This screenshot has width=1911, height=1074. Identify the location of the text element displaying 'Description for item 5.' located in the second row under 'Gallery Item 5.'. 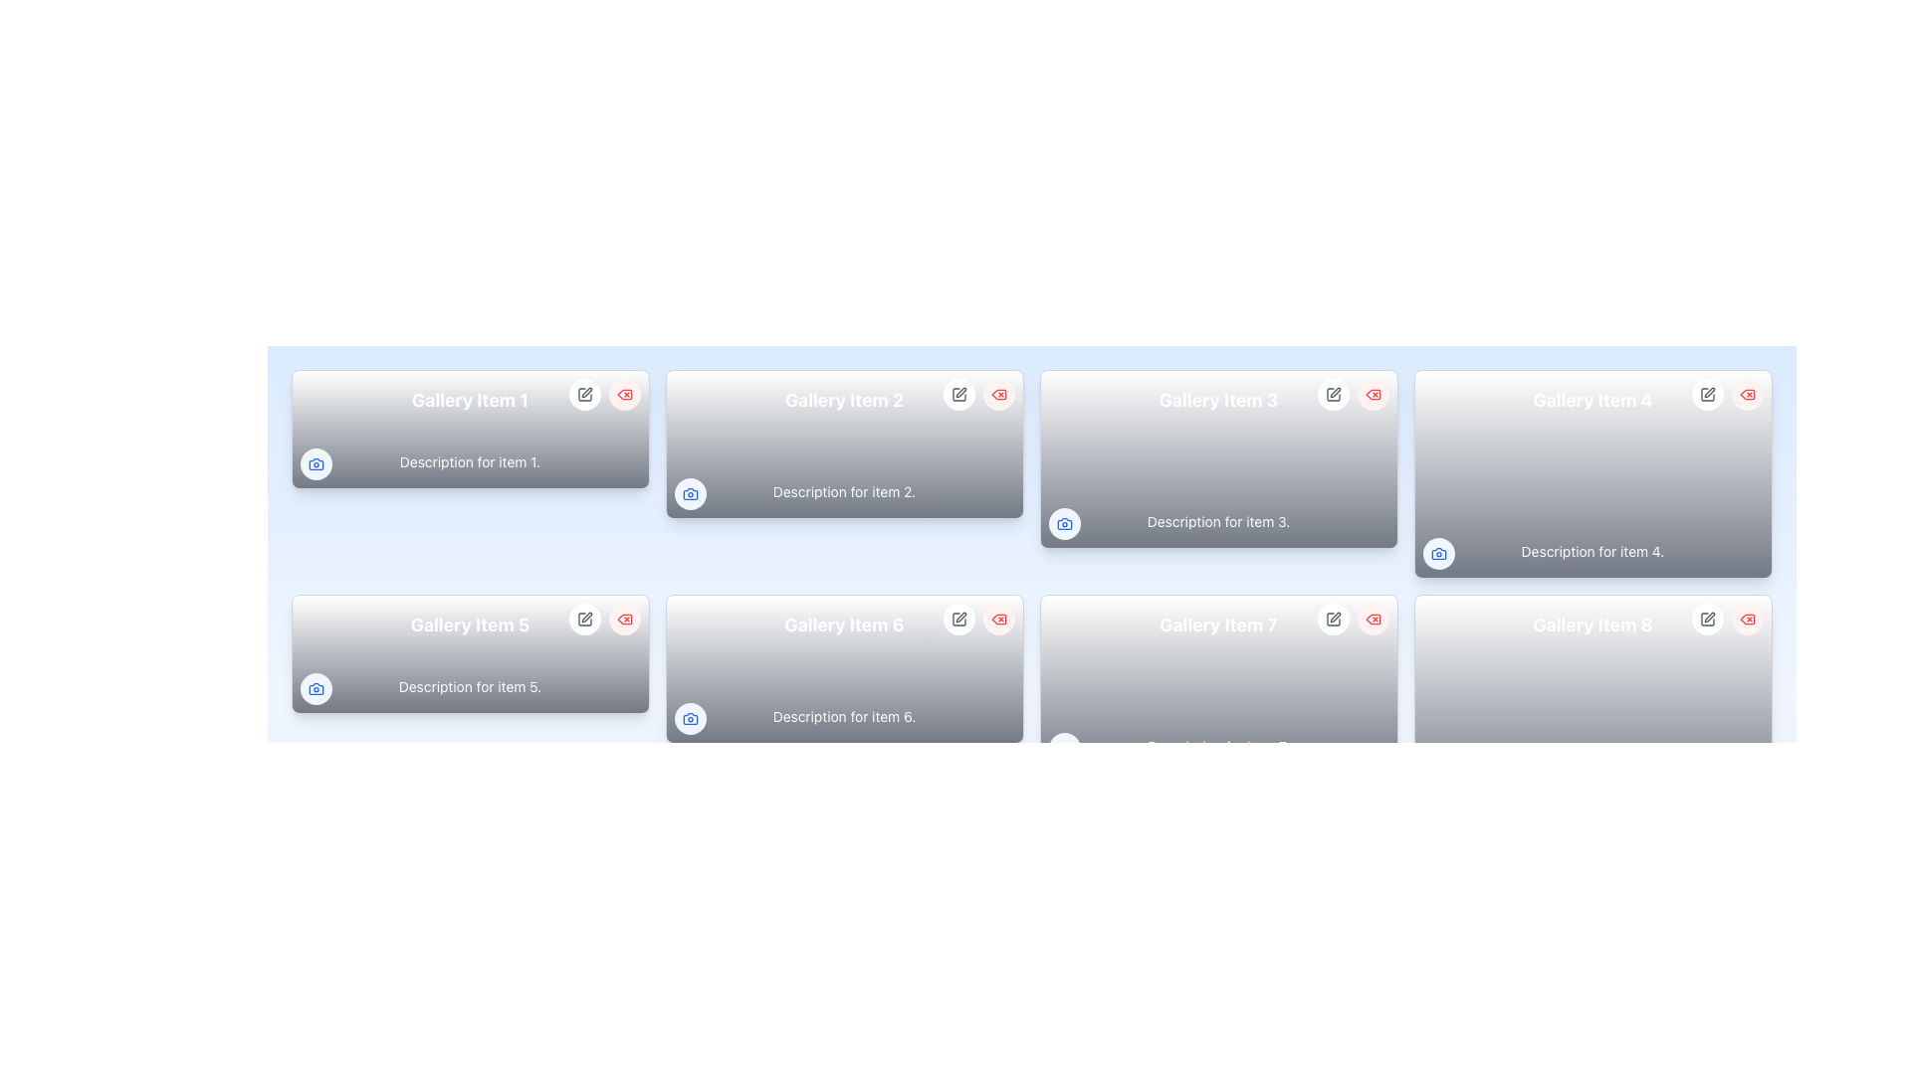
(469, 685).